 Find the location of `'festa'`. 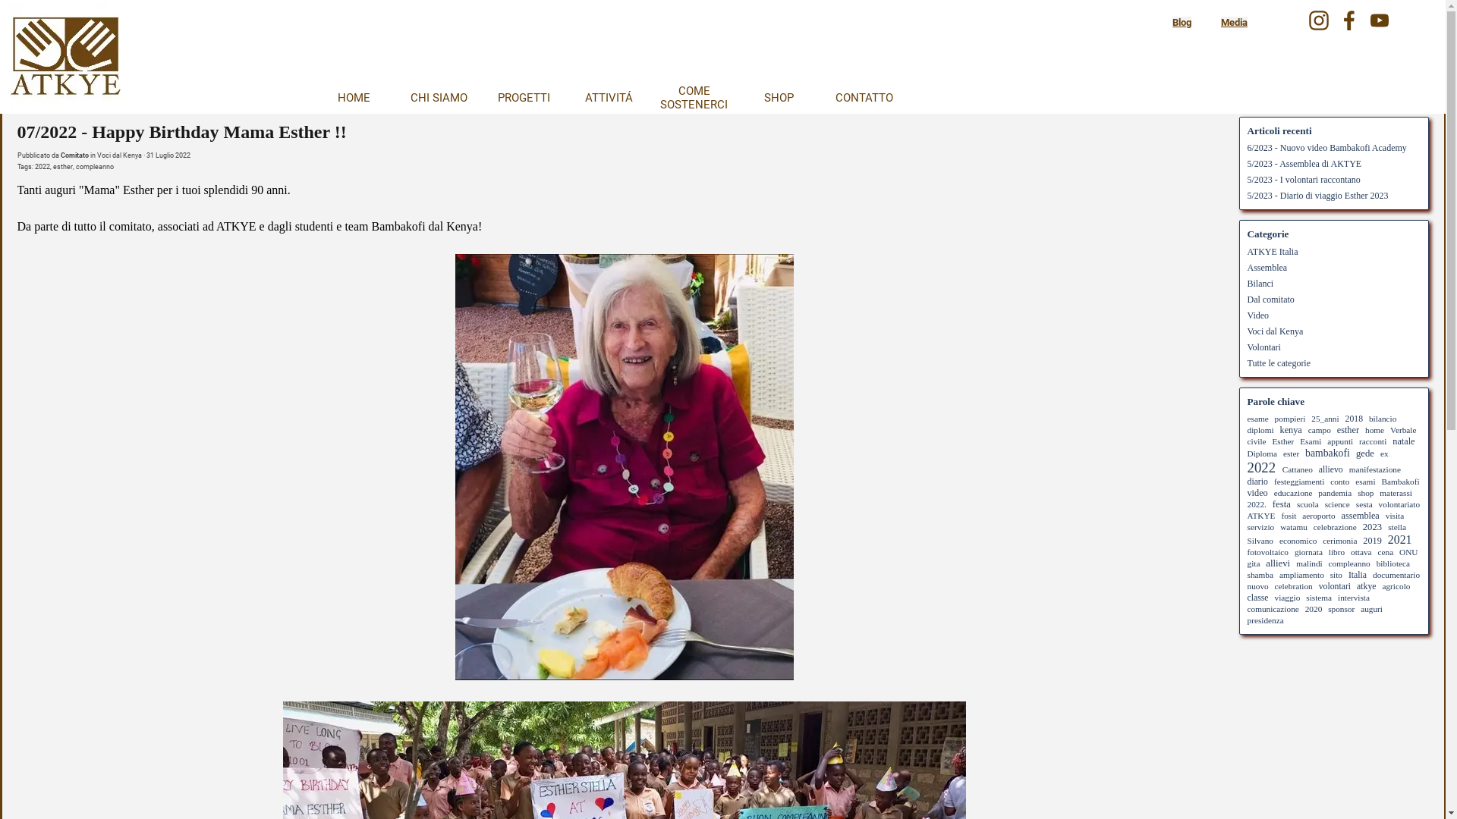

'festa' is located at coordinates (1281, 504).